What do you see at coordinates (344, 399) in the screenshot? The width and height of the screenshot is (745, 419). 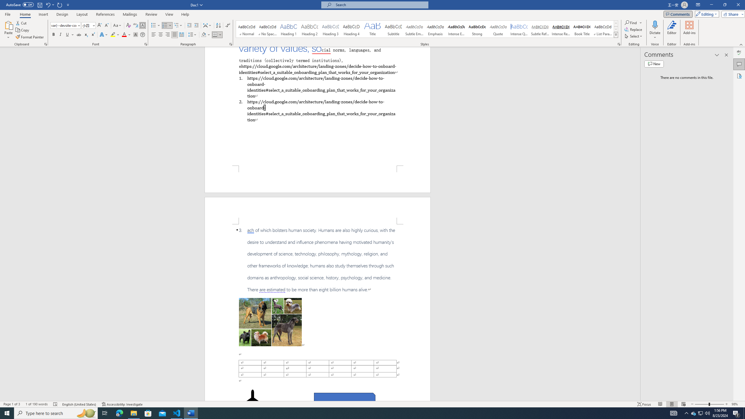 I see `'Rectangle: Diagonal Corners Snipped 2'` at bounding box center [344, 399].